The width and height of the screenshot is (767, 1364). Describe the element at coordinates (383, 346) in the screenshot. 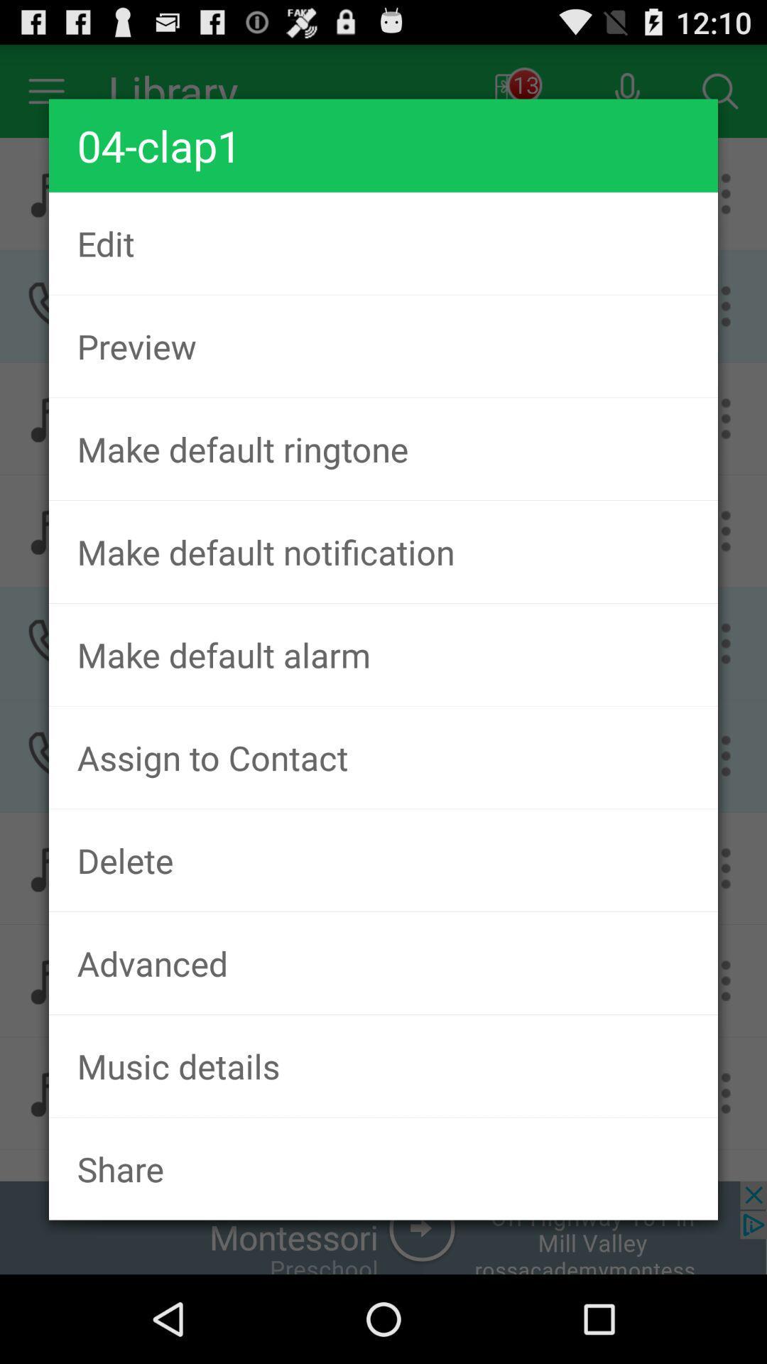

I see `preview icon` at that location.